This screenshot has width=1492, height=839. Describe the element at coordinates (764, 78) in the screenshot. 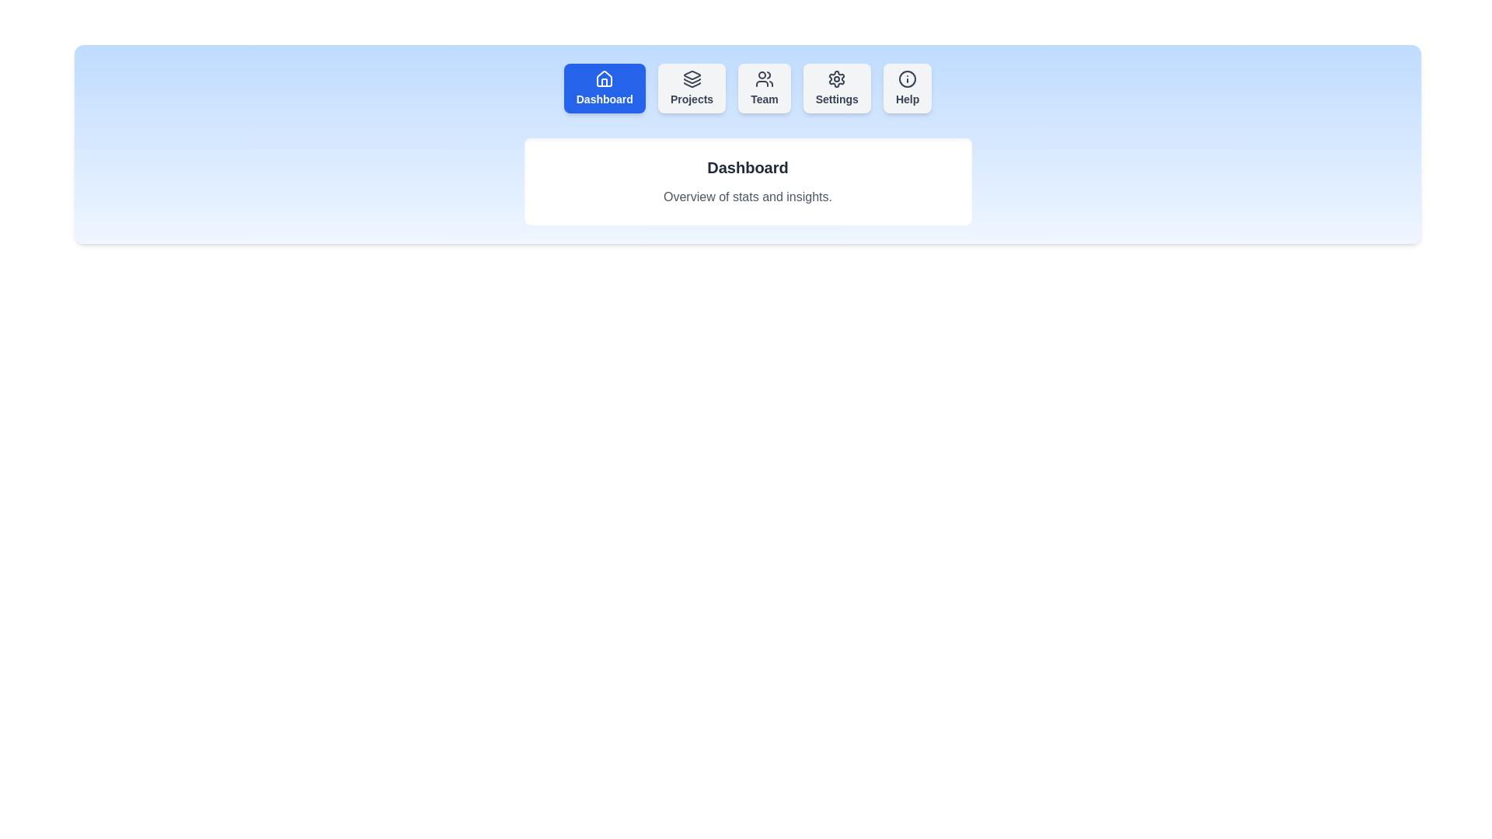

I see `the icon of the Team tab` at that location.